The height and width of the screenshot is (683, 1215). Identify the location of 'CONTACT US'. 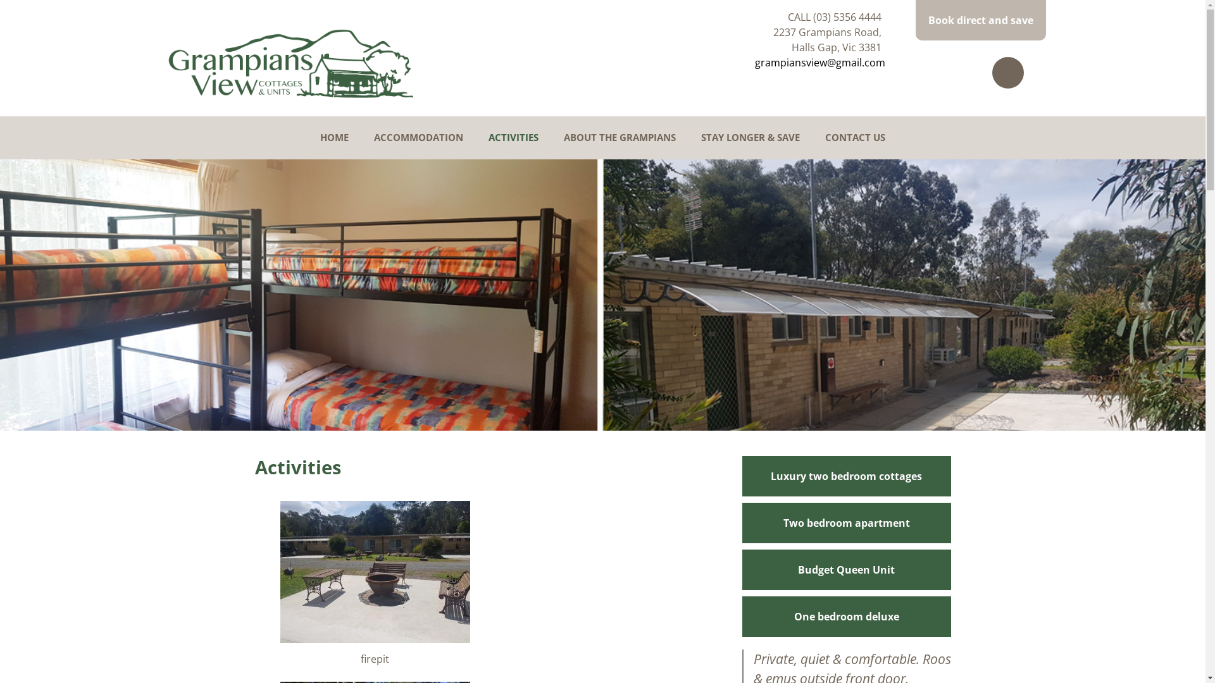
(825, 138).